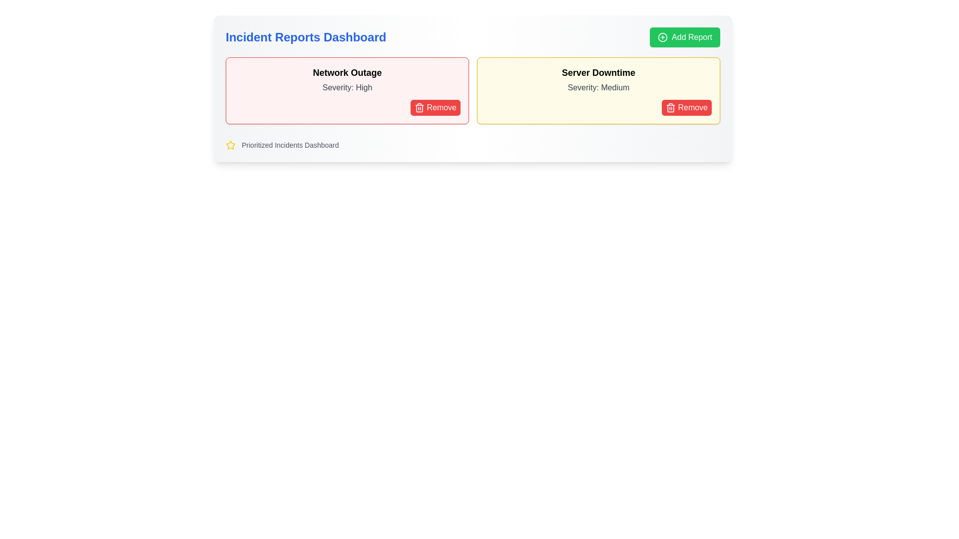 This screenshot has height=539, width=959. Describe the element at coordinates (663, 36) in the screenshot. I see `the circular icon within the green 'Add Report' button located in the top-right area of the interface for contextual understanding` at that location.